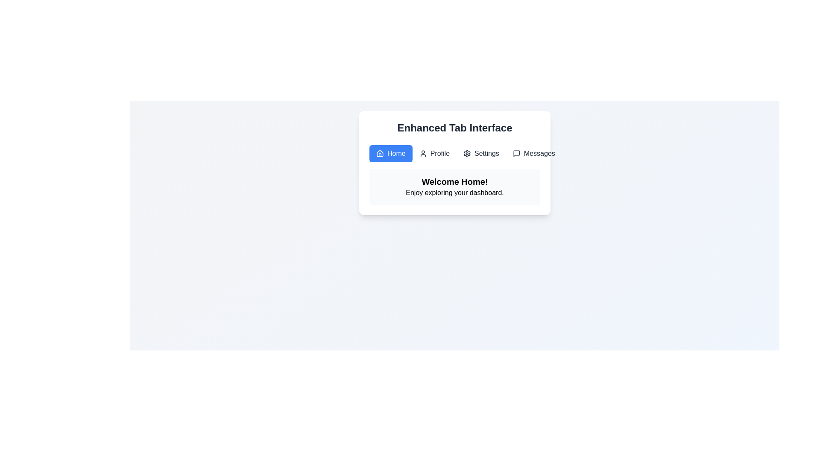  What do you see at coordinates (539, 153) in the screenshot?
I see `the 'Messages' text label in the horizontal navigation bar, which is styled in bold font and located to the right of a speech bubble icon` at bounding box center [539, 153].